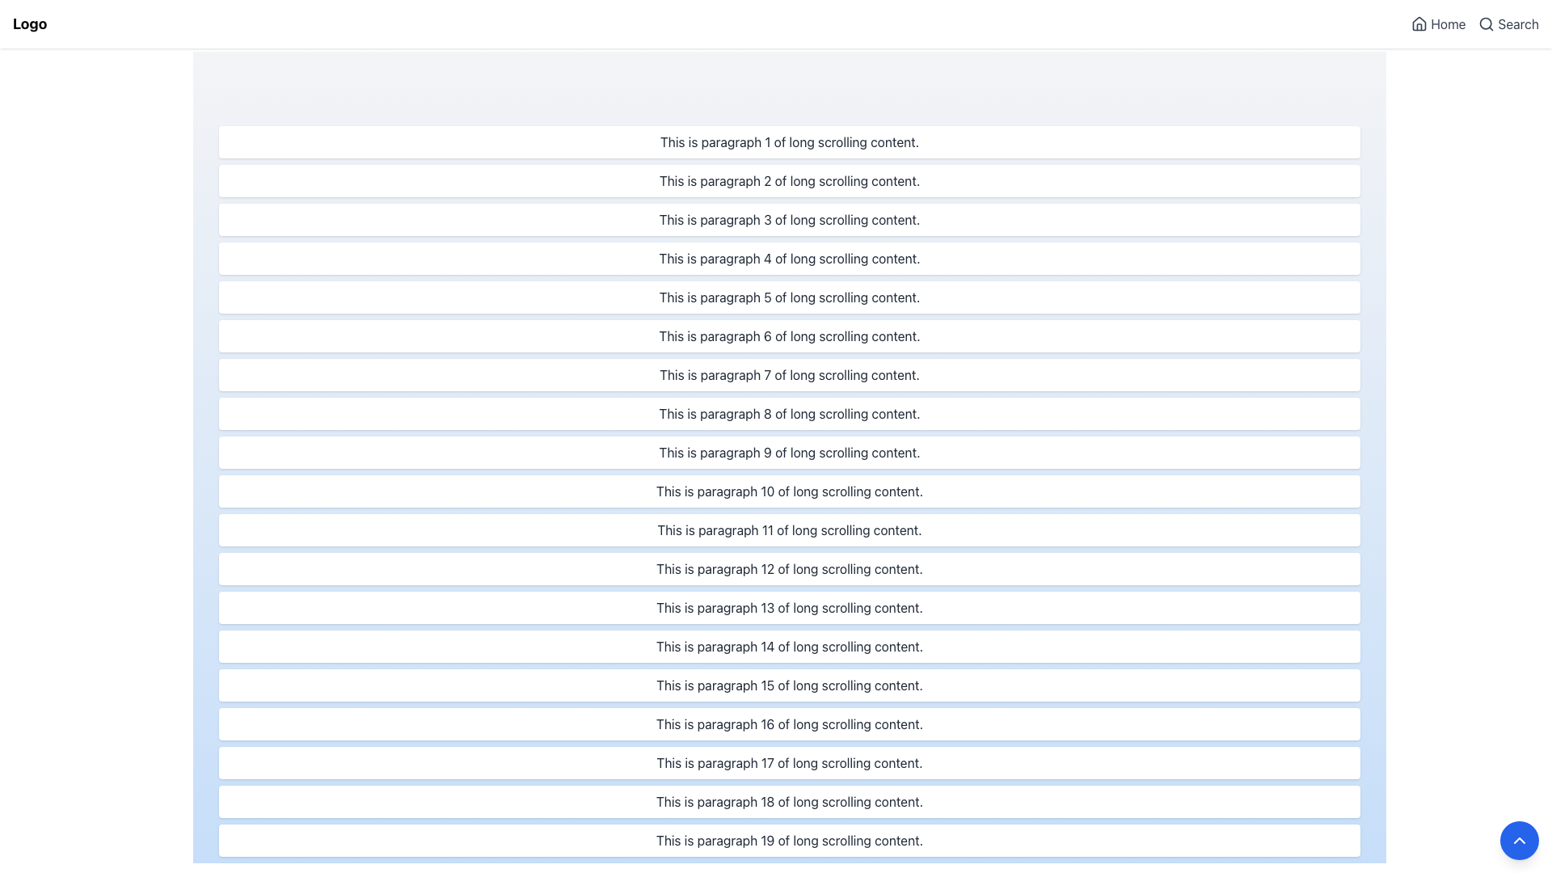 This screenshot has width=1552, height=873. Describe the element at coordinates (790, 180) in the screenshot. I see `the text in the paragraph reading 'This is paragraph 2 of long scrolling content.' which is styled with a light background and rounded corners` at that location.